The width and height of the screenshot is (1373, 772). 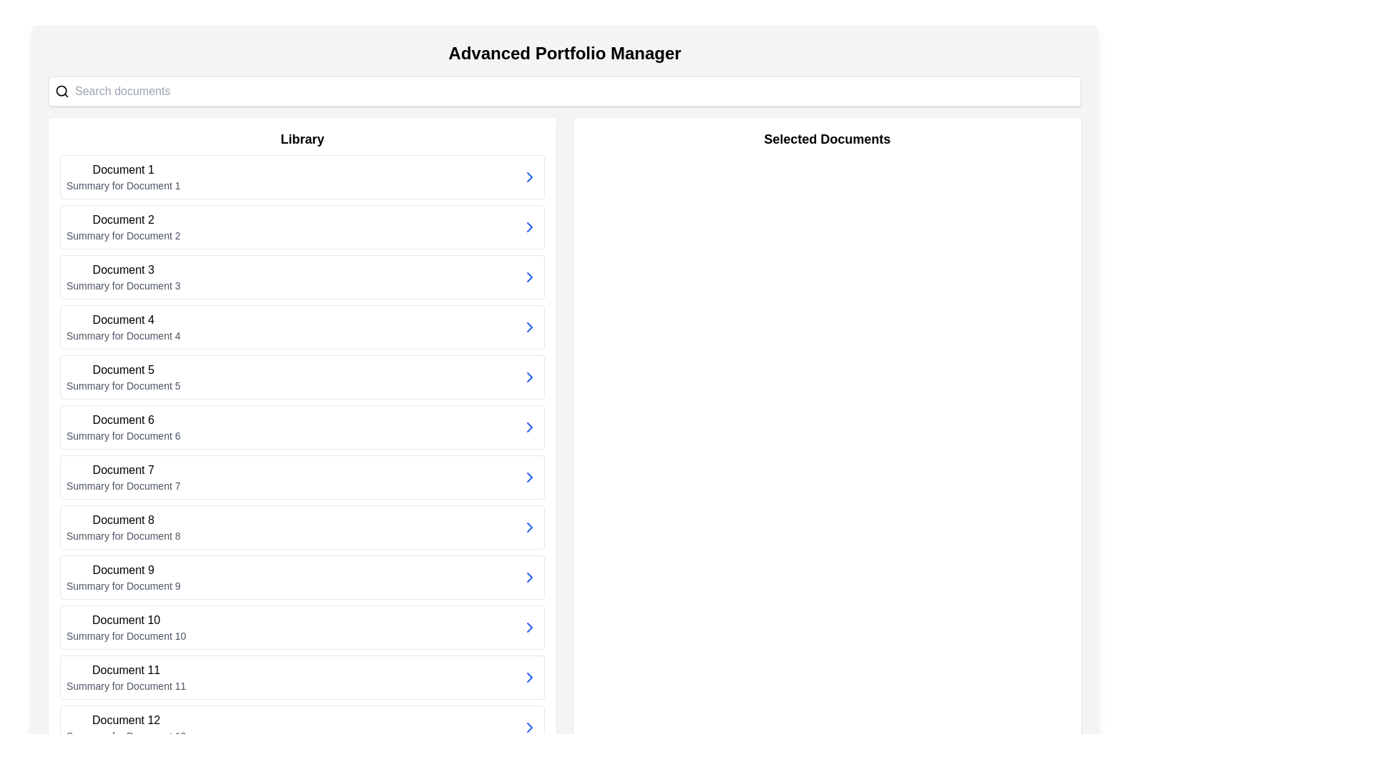 I want to click on the list item titled 'Document 12' in the Library section, so click(x=126, y=728).